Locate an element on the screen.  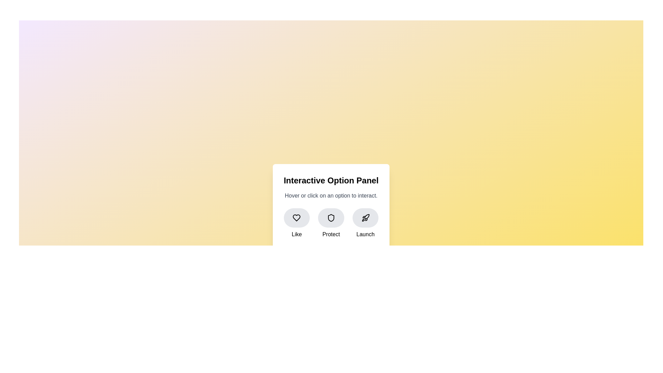
the circular gray button with a heart icon located above the 'Like' label is located at coordinates (297, 218).